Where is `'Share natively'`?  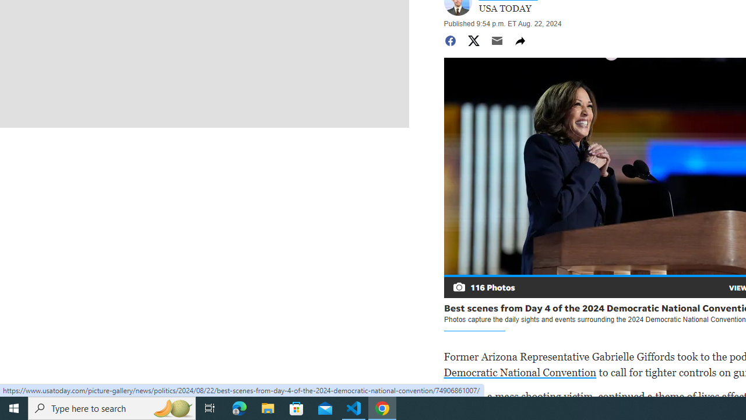
'Share natively' is located at coordinates (519, 40).